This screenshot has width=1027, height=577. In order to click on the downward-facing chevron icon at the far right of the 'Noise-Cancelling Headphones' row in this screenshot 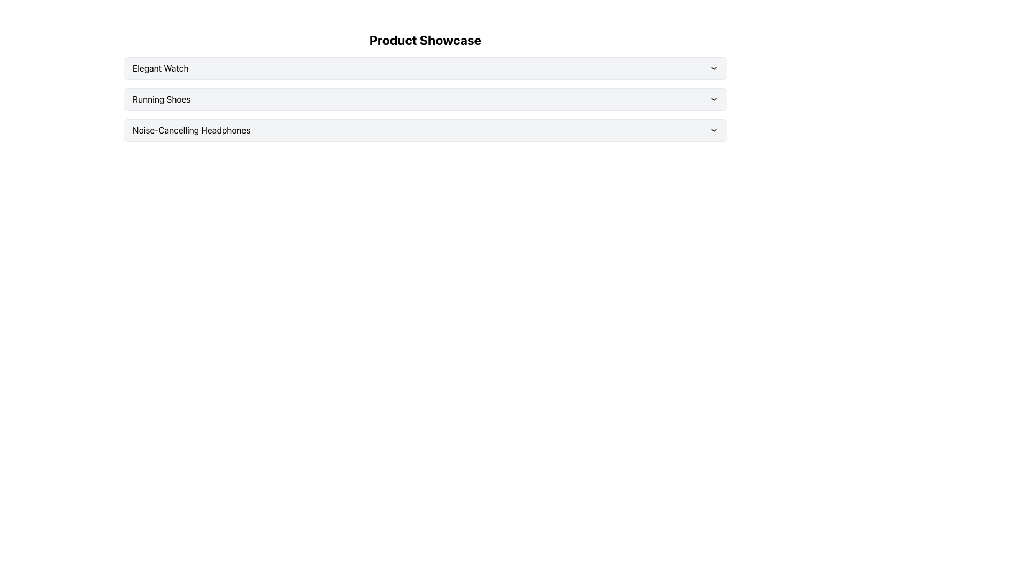, I will do `click(714, 129)`.